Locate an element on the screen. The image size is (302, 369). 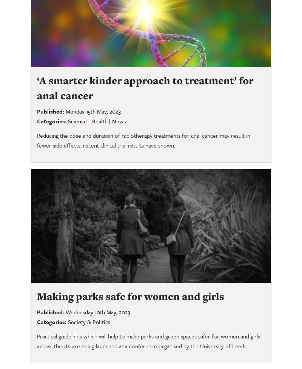
'Reducing the dose and duration of radiotherapy treatments for anal cancer may result in fewer side effects, recent clinical trial results have shown.' is located at coordinates (143, 139).